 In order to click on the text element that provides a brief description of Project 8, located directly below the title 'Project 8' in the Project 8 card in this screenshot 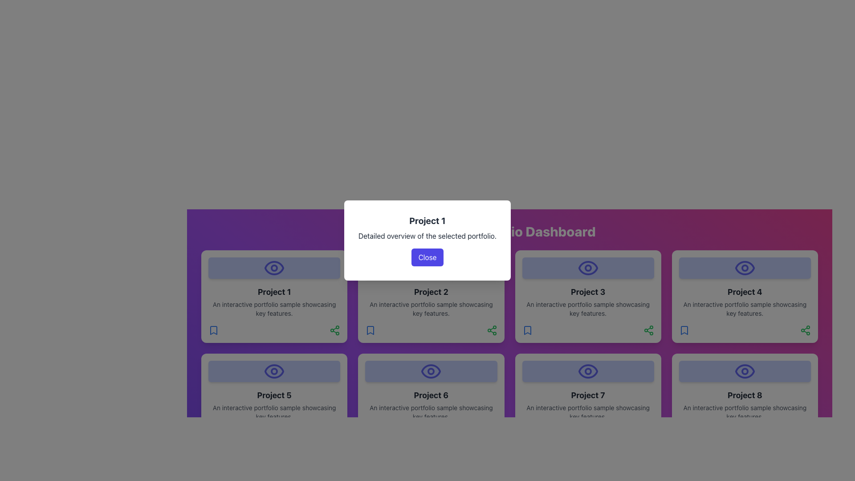, I will do `click(745, 412)`.